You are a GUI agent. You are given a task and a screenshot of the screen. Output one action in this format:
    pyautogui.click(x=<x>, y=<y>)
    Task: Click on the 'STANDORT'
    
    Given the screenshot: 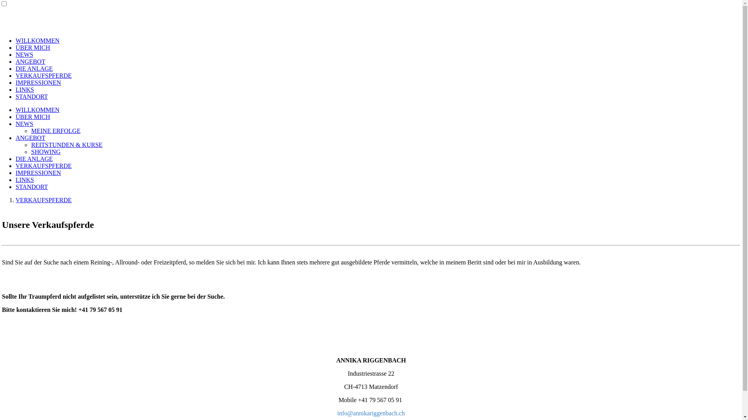 What is the action you would take?
    pyautogui.click(x=31, y=96)
    